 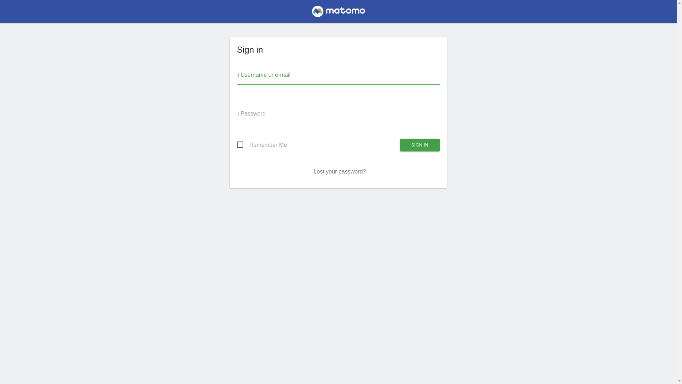 I want to click on 'Lost your password?', so click(x=339, y=171).